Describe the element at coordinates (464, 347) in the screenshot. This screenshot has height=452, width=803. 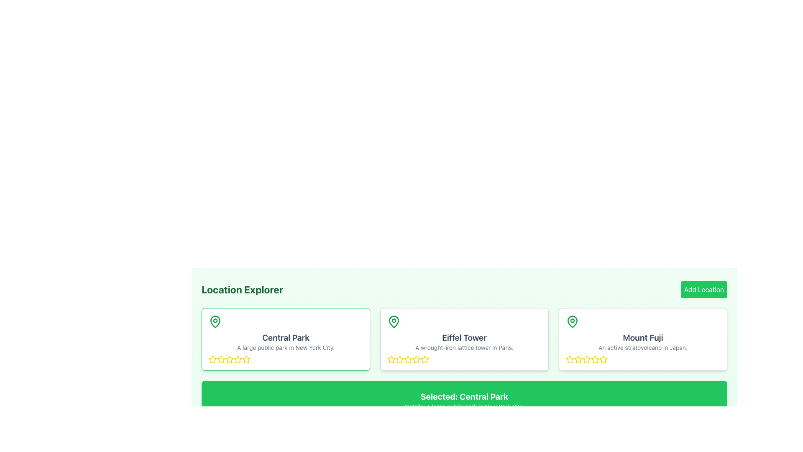
I see `the static text providing descriptive information about the Eiffel Tower, located in the middle column below the 'Eiffel Tower' heading and above the star rating component` at that location.